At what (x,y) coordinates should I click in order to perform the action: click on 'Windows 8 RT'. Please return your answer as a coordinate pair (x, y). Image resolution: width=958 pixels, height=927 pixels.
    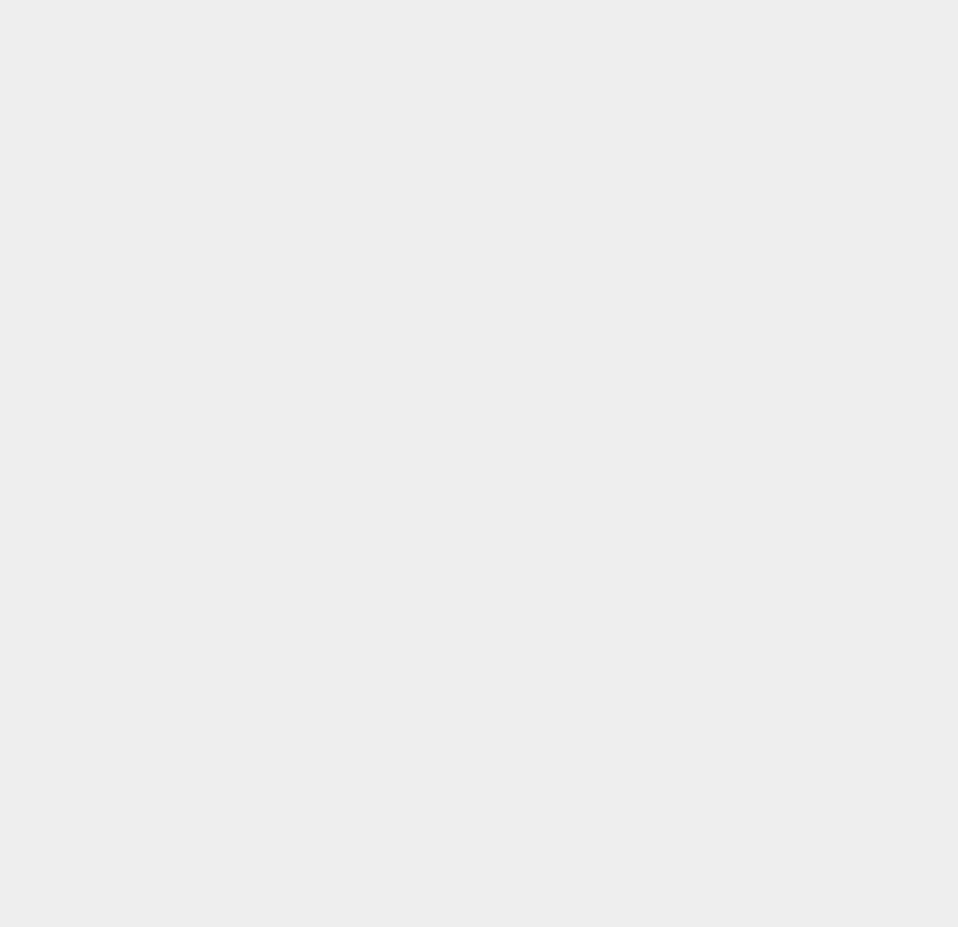
    Looking at the image, I should click on (715, 415).